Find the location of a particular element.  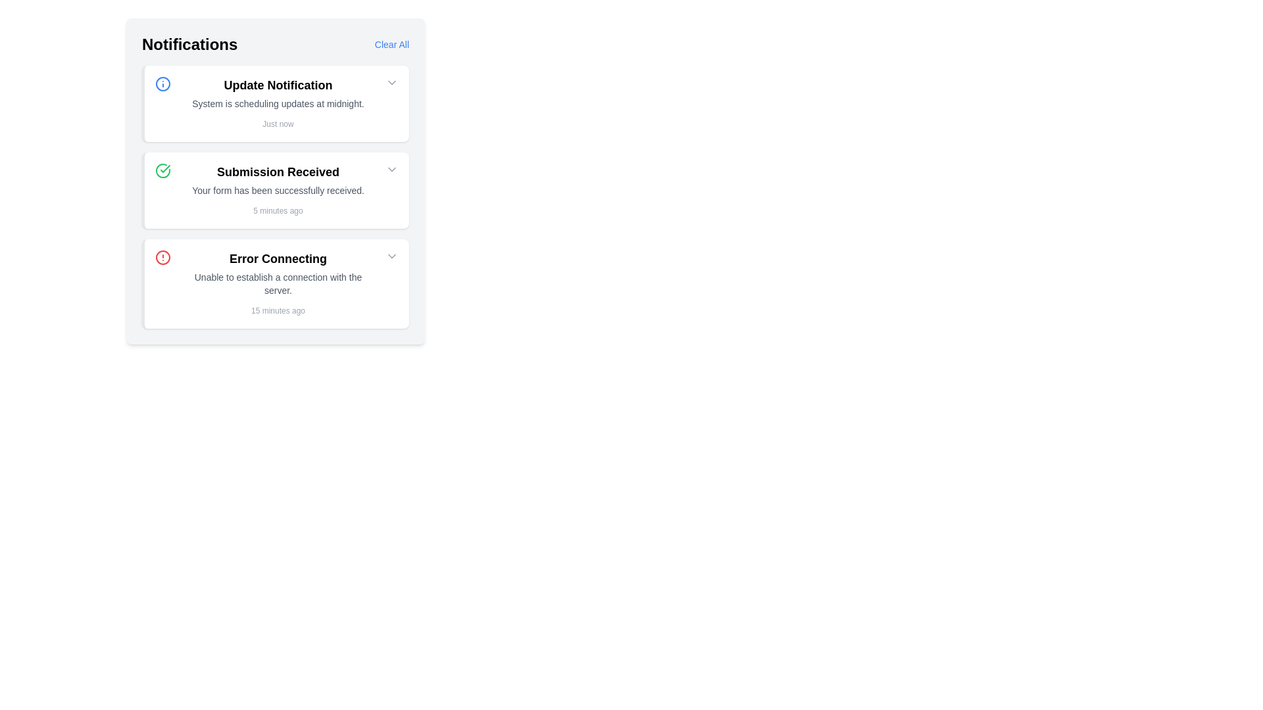

the circular graphic element that represents part of the 'info' icon in the 'Update Notification' item in the notifications list is located at coordinates (162, 83).